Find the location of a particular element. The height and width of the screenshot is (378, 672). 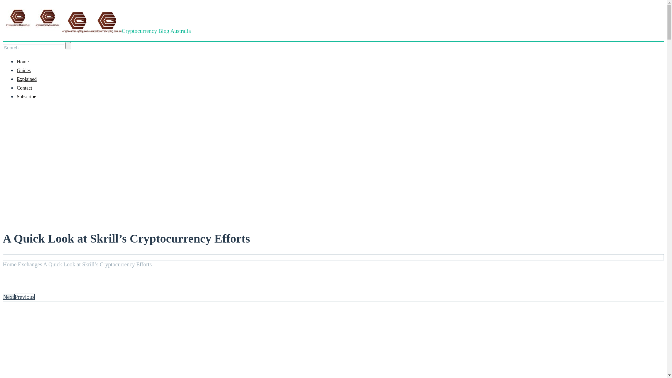

'Cryptocurrency Blog Australia' is located at coordinates (47, 17).